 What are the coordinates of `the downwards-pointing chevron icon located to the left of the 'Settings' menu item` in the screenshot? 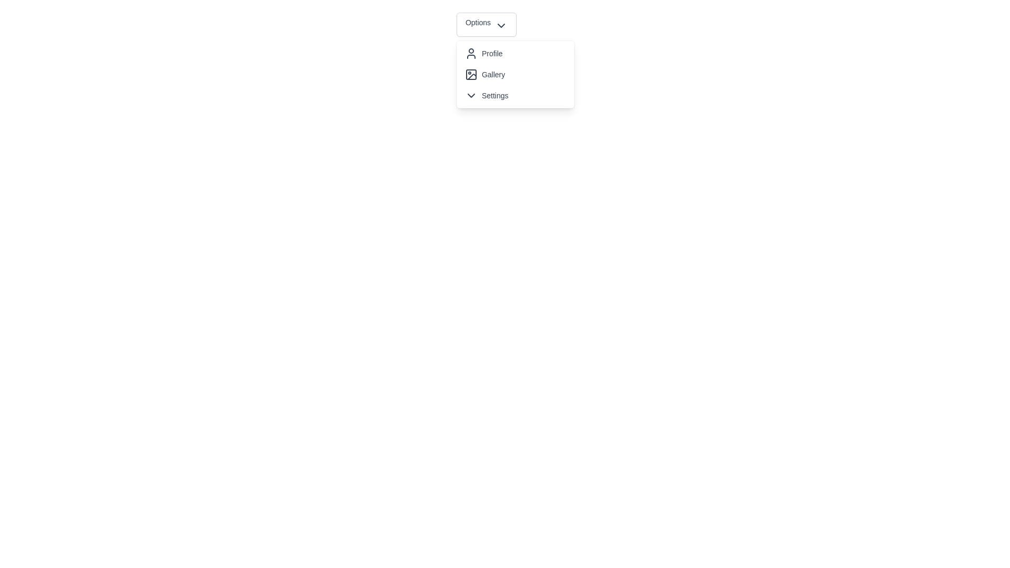 It's located at (470, 95).